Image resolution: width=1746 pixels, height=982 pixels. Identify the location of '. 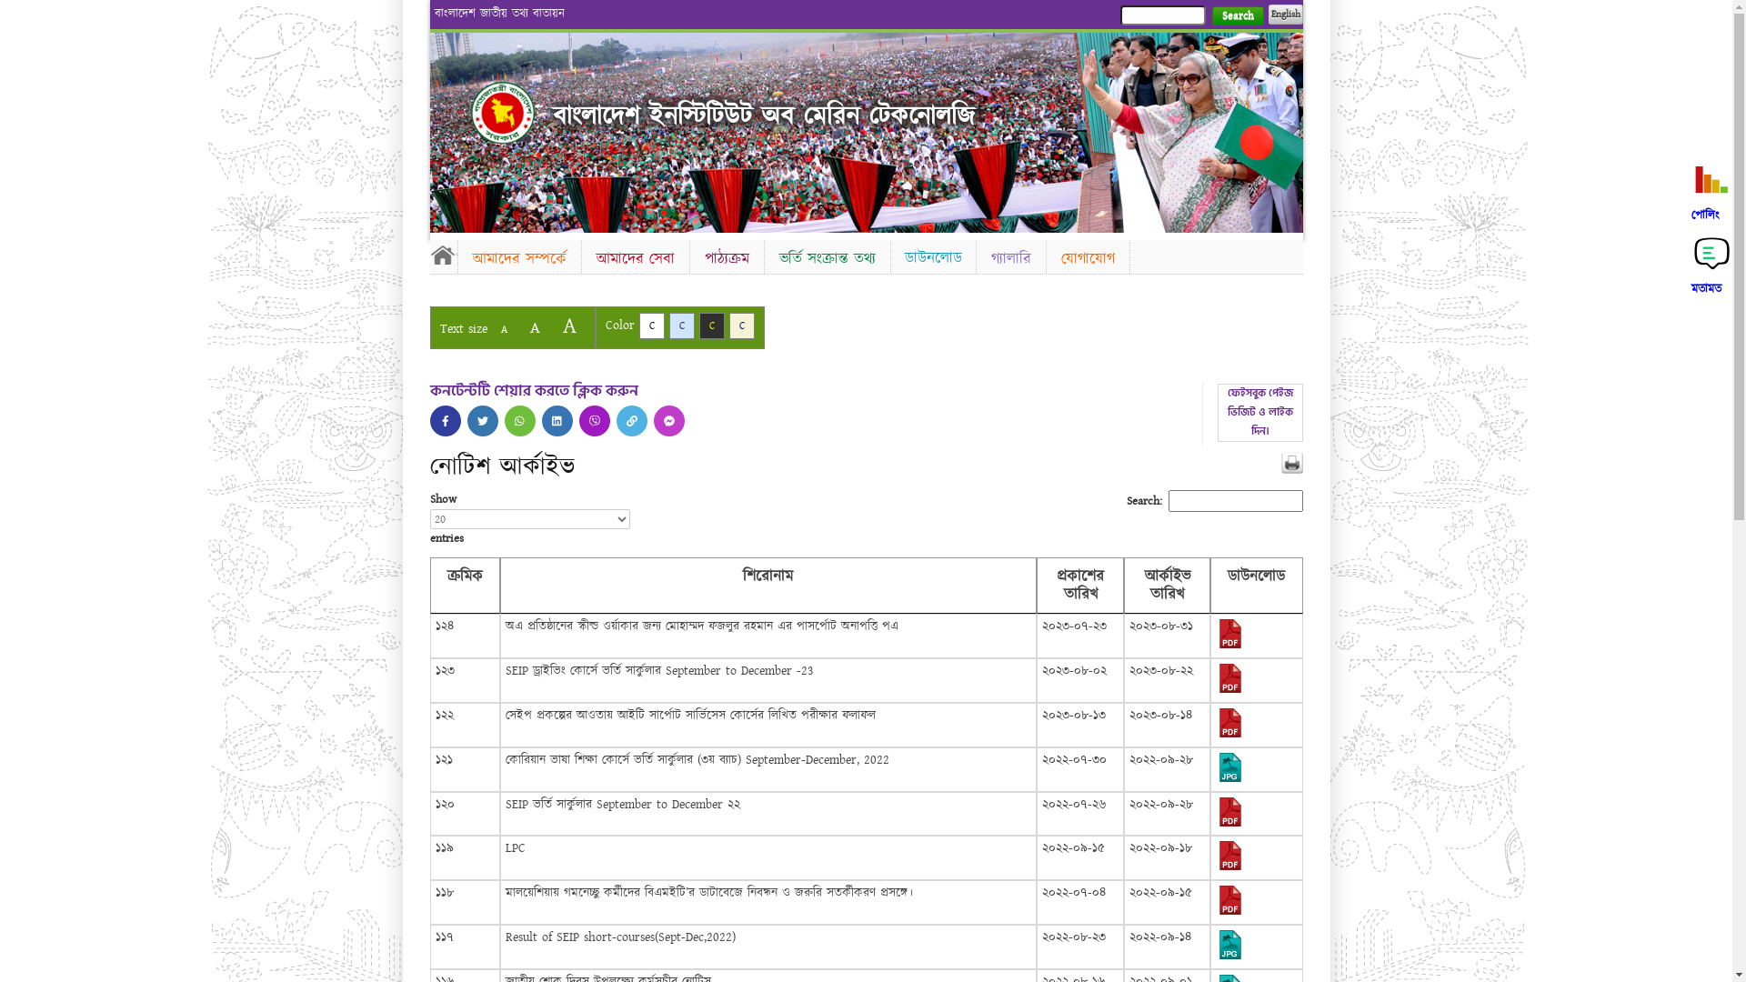
(502, 112).